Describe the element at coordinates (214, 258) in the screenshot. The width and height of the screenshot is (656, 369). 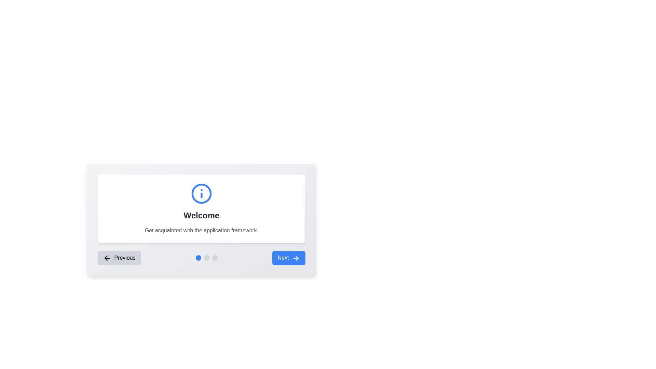
I see `the rightmost gray circular indicator, which is the third in a row of three similar indicators, located below a rectangular card element` at that location.